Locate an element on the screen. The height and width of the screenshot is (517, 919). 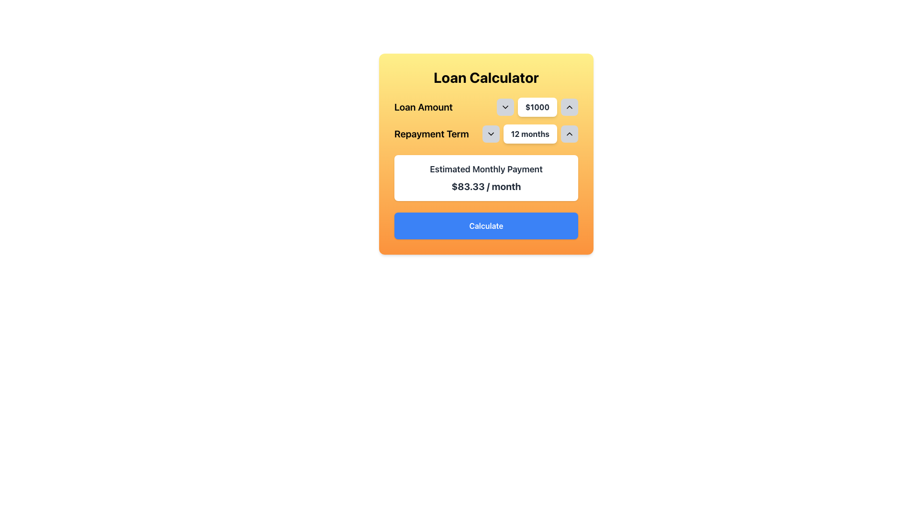
the Text display that shows the currently selected repayment duration for a loan, located at the center of the row labeled 'Repayment Term.' is located at coordinates (529, 134).